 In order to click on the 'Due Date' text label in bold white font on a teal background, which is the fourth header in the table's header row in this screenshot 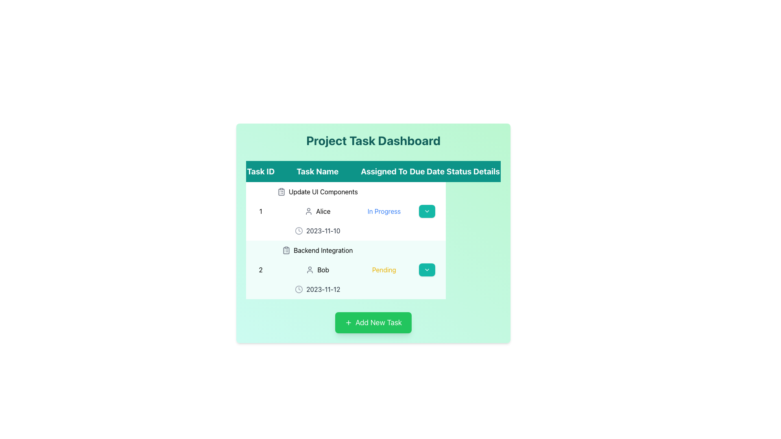, I will do `click(427, 171)`.